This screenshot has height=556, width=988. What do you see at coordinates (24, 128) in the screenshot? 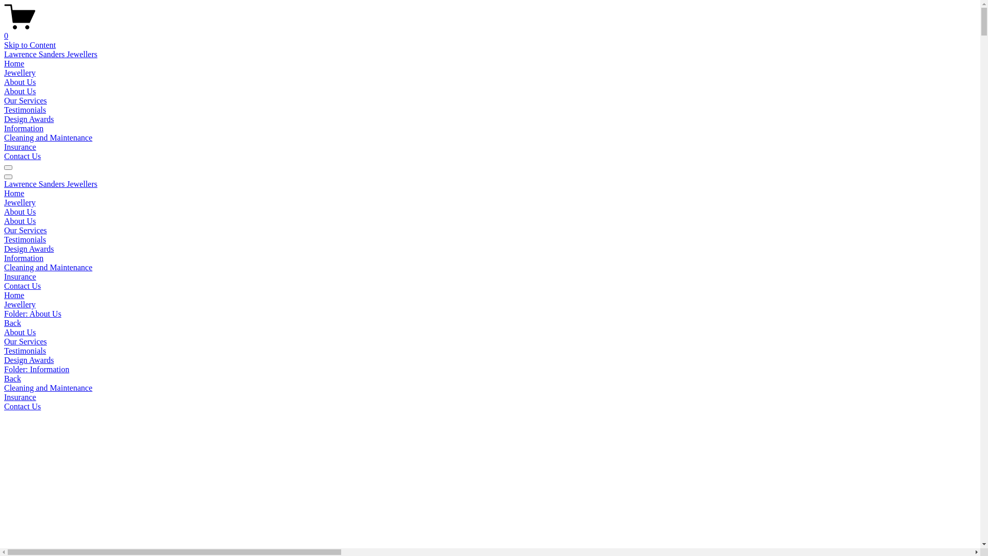
I see `'Information'` at bounding box center [24, 128].